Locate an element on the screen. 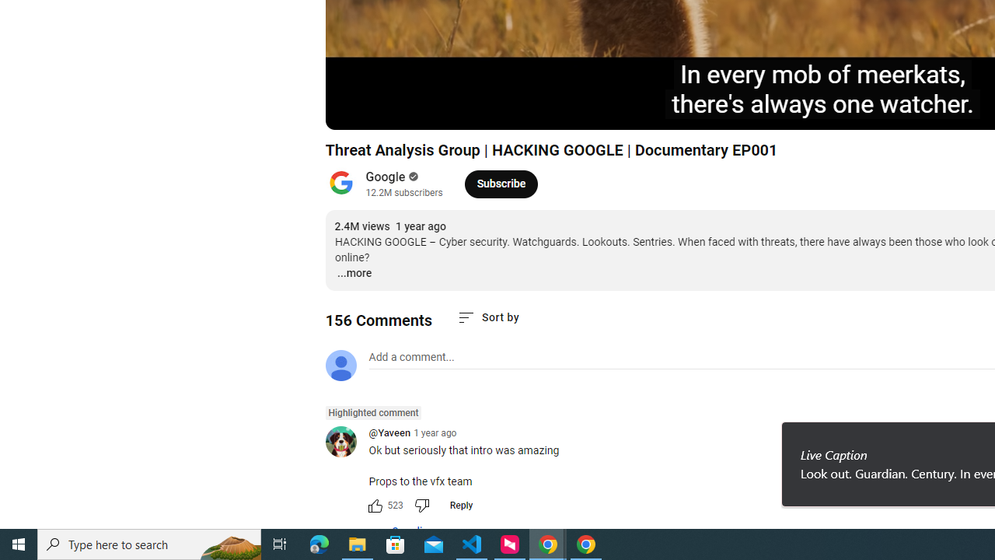 This screenshot has width=995, height=560. '1 year ago' is located at coordinates (435, 432).